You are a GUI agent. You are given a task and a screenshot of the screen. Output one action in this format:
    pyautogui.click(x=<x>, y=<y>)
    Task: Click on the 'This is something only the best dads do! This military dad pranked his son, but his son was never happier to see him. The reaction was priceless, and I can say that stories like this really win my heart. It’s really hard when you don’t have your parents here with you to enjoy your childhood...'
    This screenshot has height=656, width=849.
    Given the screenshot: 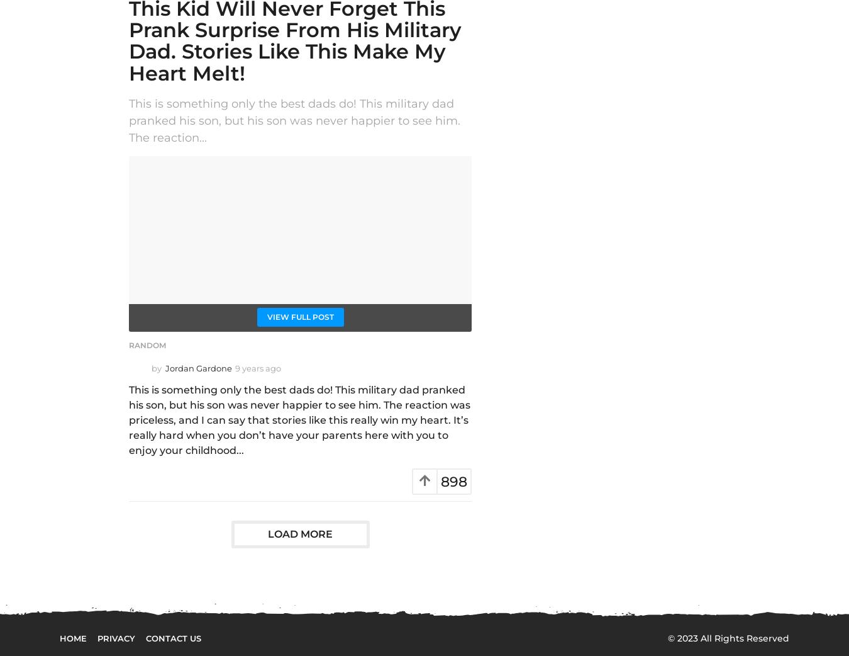 What is the action you would take?
    pyautogui.click(x=299, y=419)
    